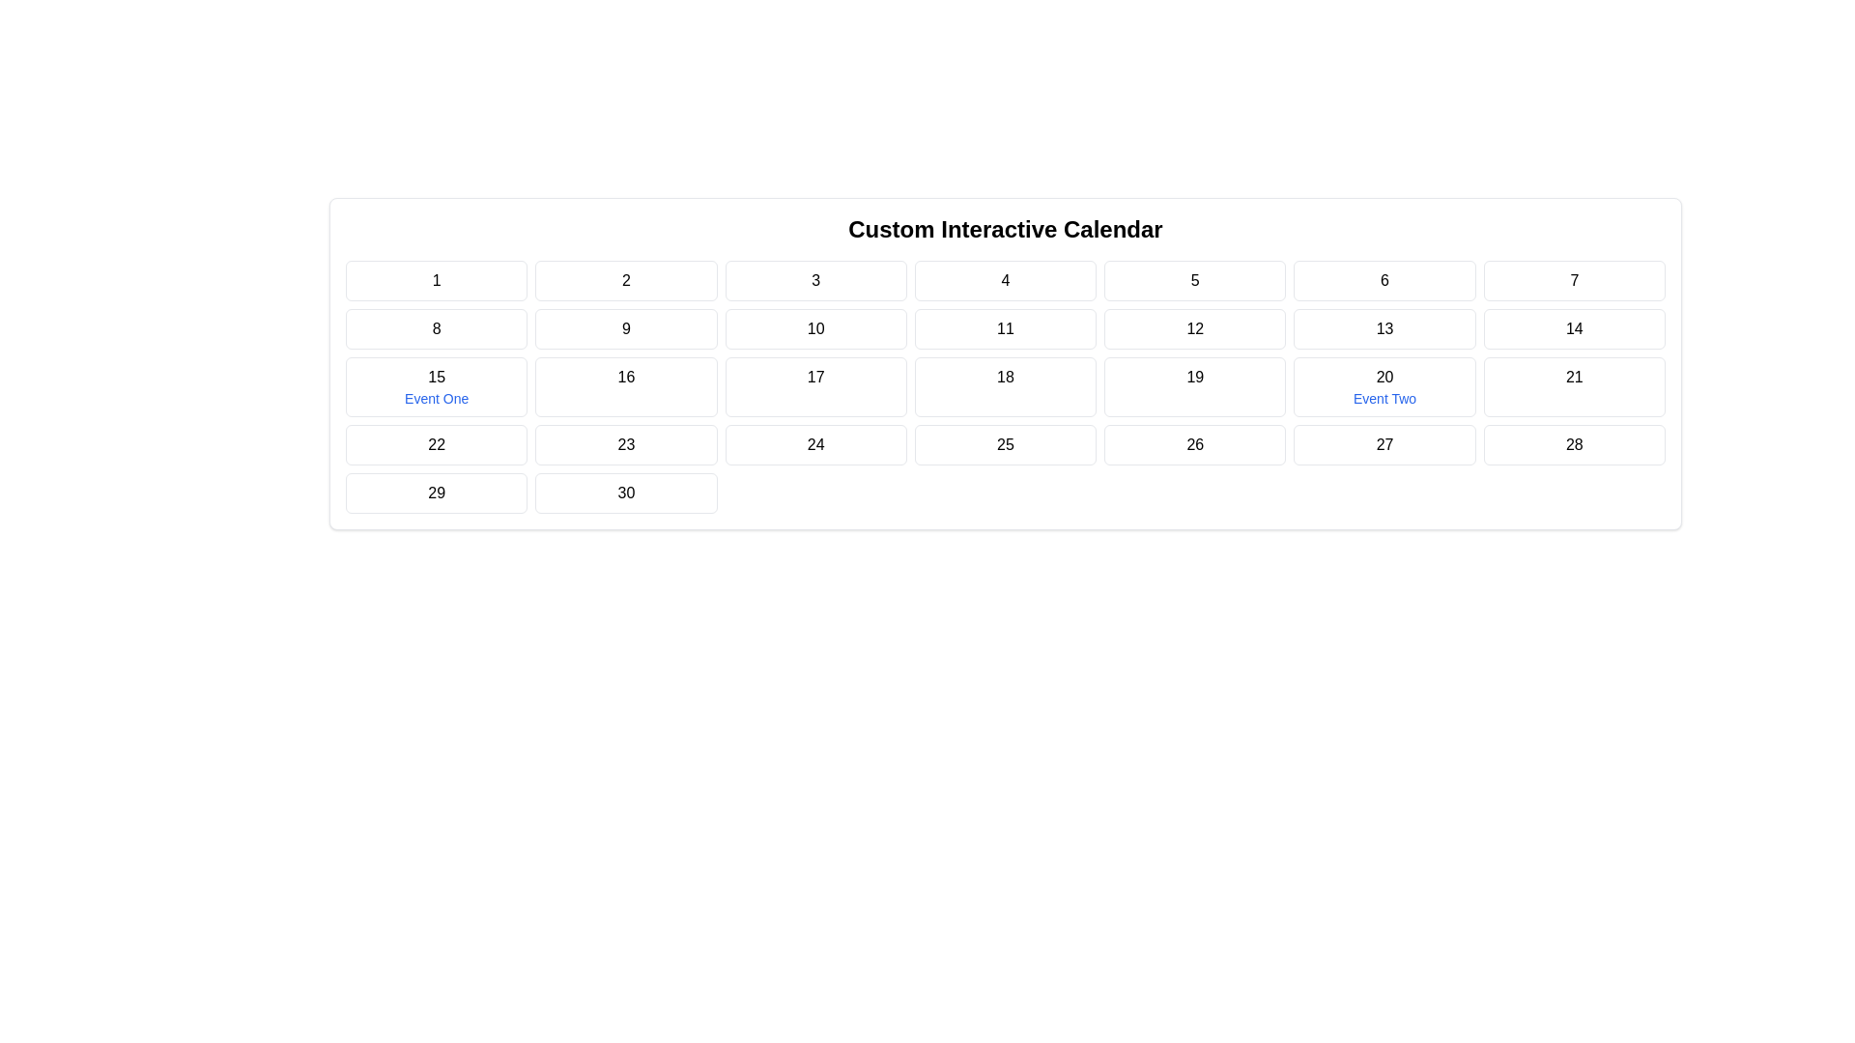  What do you see at coordinates (1384, 397) in the screenshot?
I see `text content of the label that displays 'Event Two', which is styled in a small blue font and is located inside the box labeled '20' in the calendar interface` at bounding box center [1384, 397].